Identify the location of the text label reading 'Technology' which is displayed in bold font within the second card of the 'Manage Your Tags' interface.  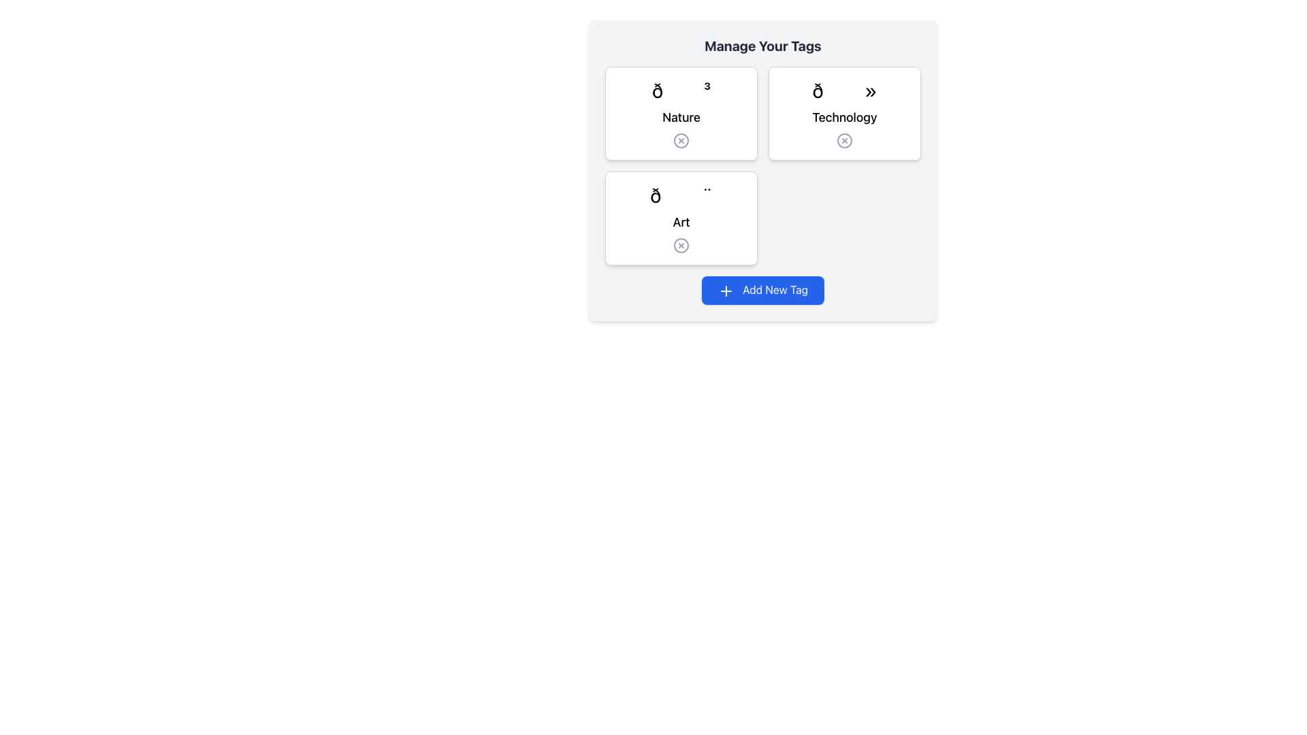
(844, 117).